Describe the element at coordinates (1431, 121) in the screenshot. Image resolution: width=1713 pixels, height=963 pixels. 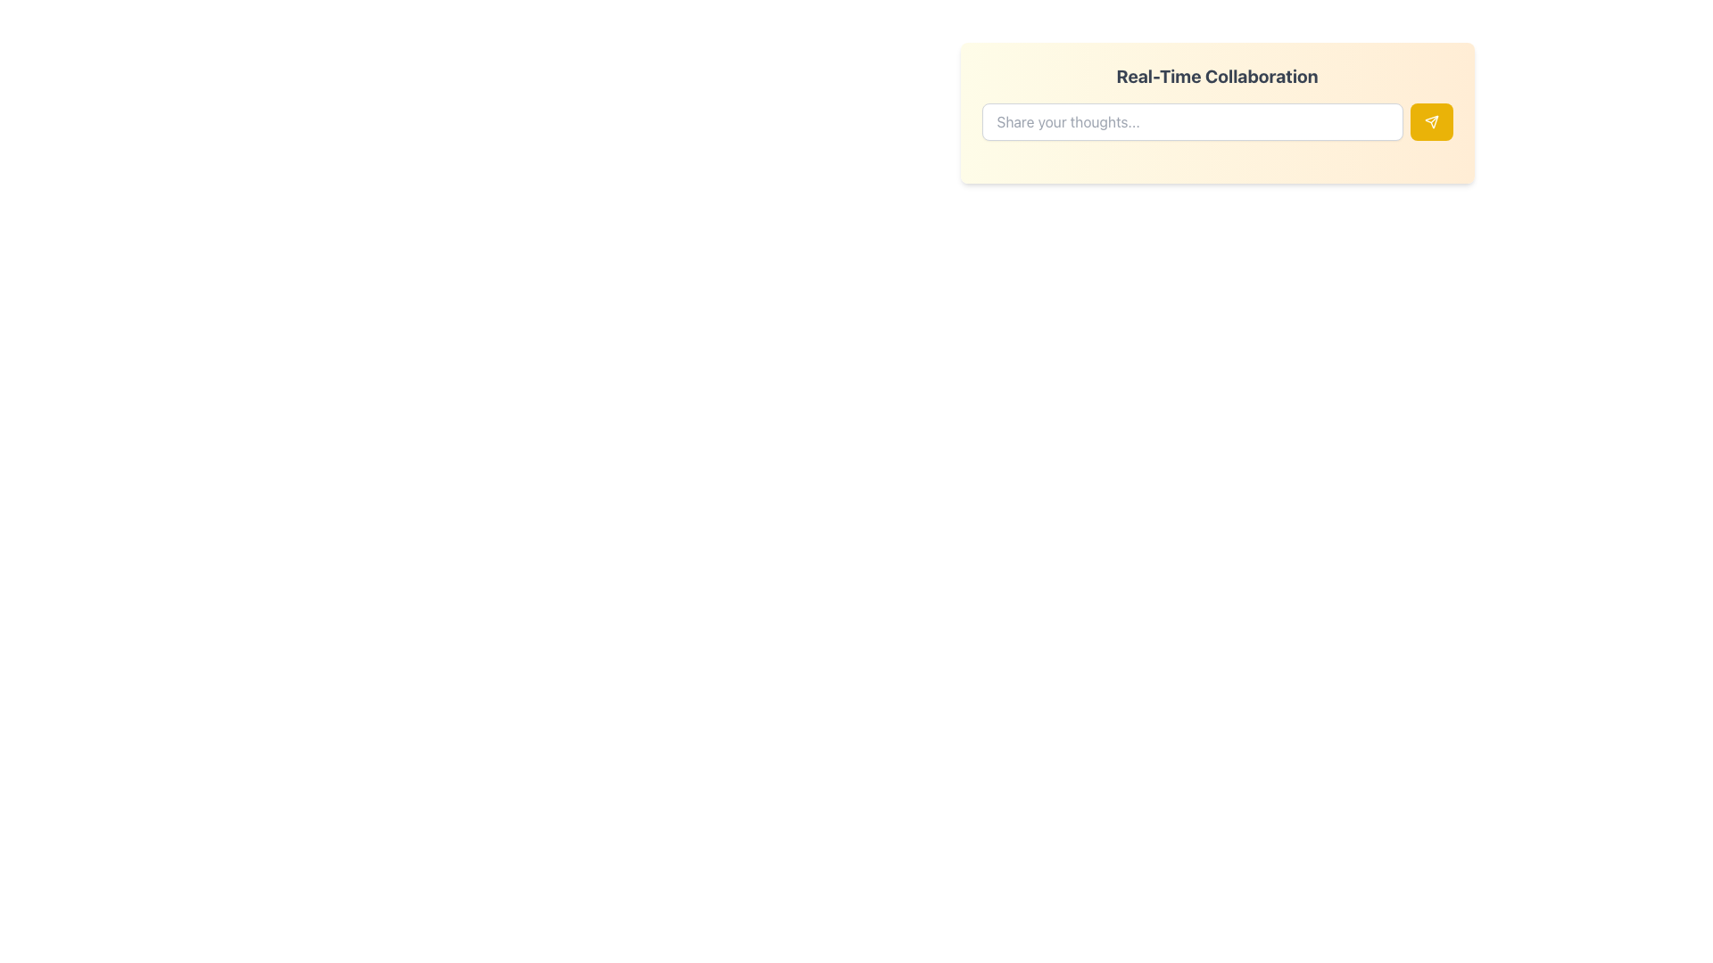
I see `the paper plane icon located at the right edge of the text input field labeled 'Real-Time Collaboration'` at that location.